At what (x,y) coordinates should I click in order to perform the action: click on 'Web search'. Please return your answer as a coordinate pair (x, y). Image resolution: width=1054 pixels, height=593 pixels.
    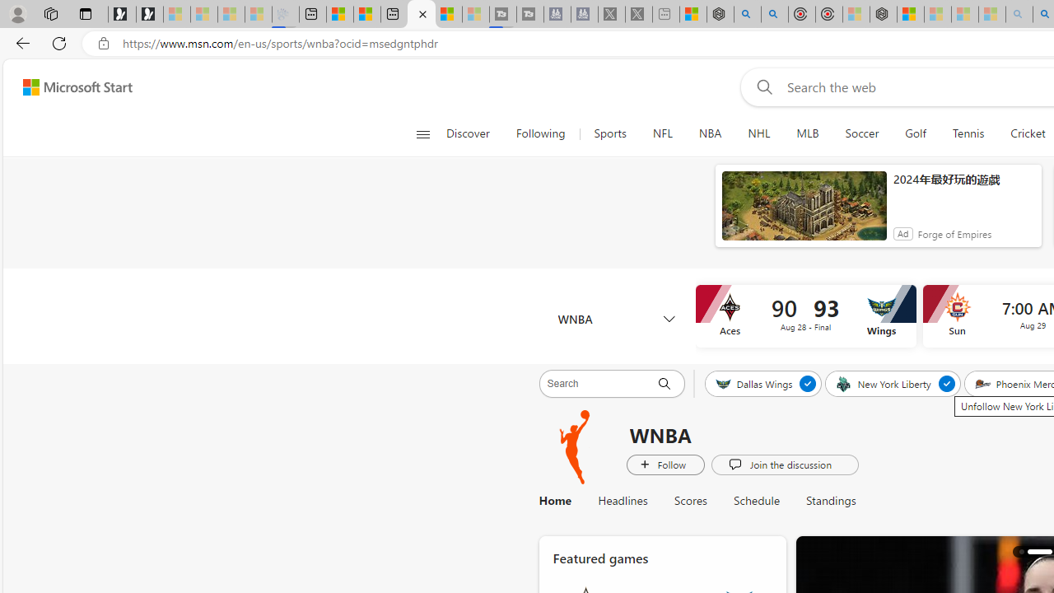
    Looking at the image, I should click on (760, 86).